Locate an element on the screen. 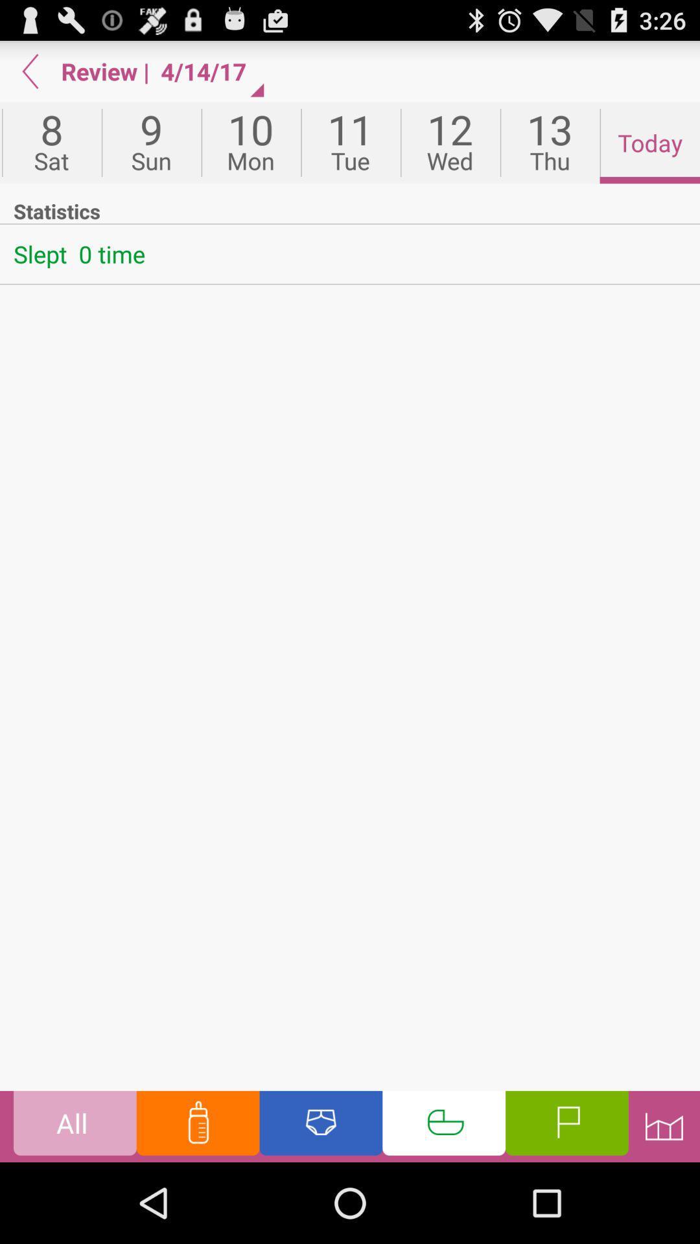  previous is located at coordinates (30, 71).